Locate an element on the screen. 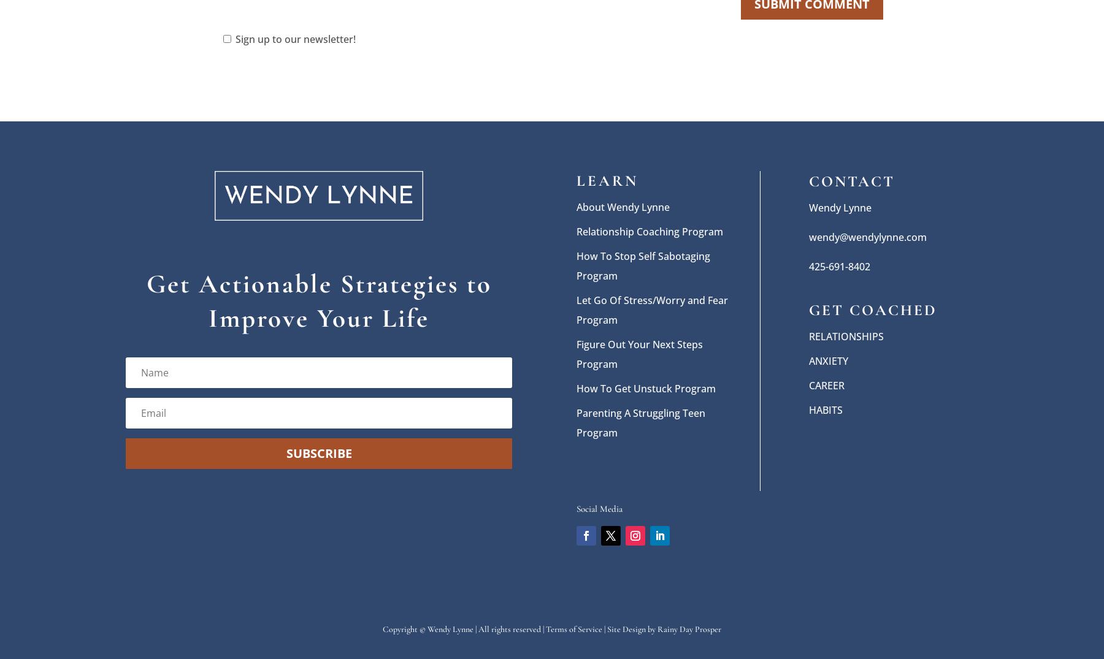  'CAREER' is located at coordinates (827, 384).